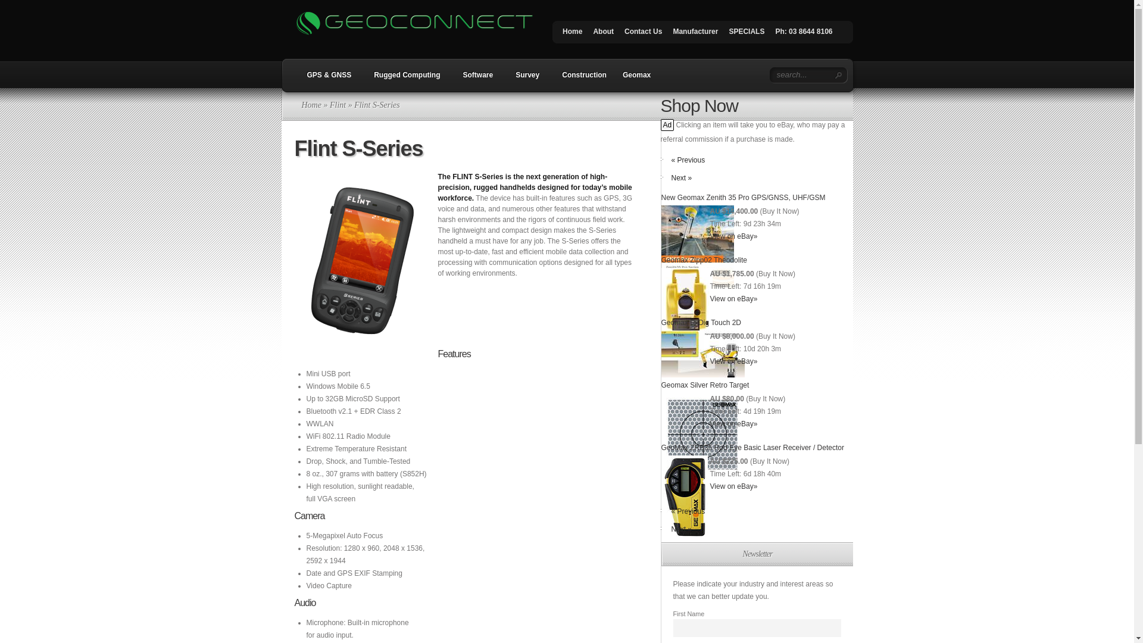 This screenshot has height=643, width=1143. I want to click on 'Manufacturer', so click(695, 33).